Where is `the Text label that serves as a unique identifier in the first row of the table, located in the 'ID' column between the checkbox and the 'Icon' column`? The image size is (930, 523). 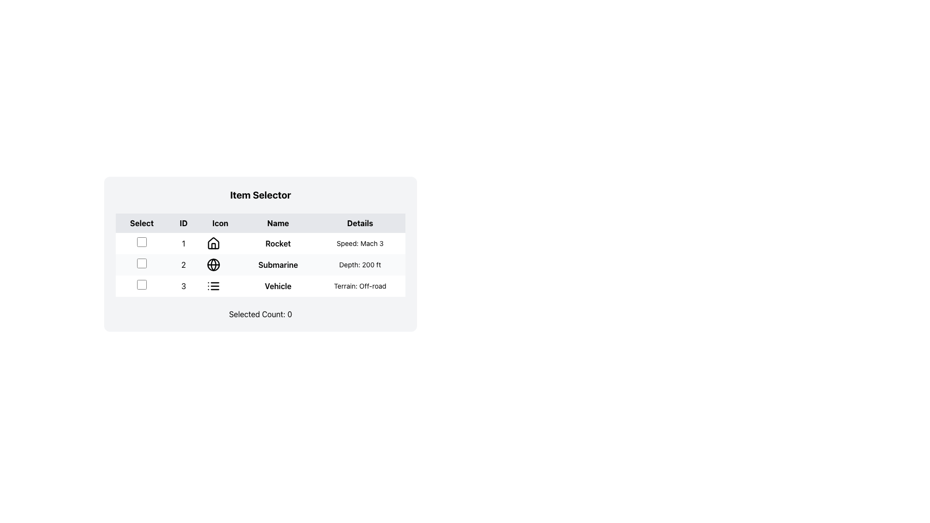 the Text label that serves as a unique identifier in the first row of the table, located in the 'ID' column between the checkbox and the 'Icon' column is located at coordinates (184, 243).